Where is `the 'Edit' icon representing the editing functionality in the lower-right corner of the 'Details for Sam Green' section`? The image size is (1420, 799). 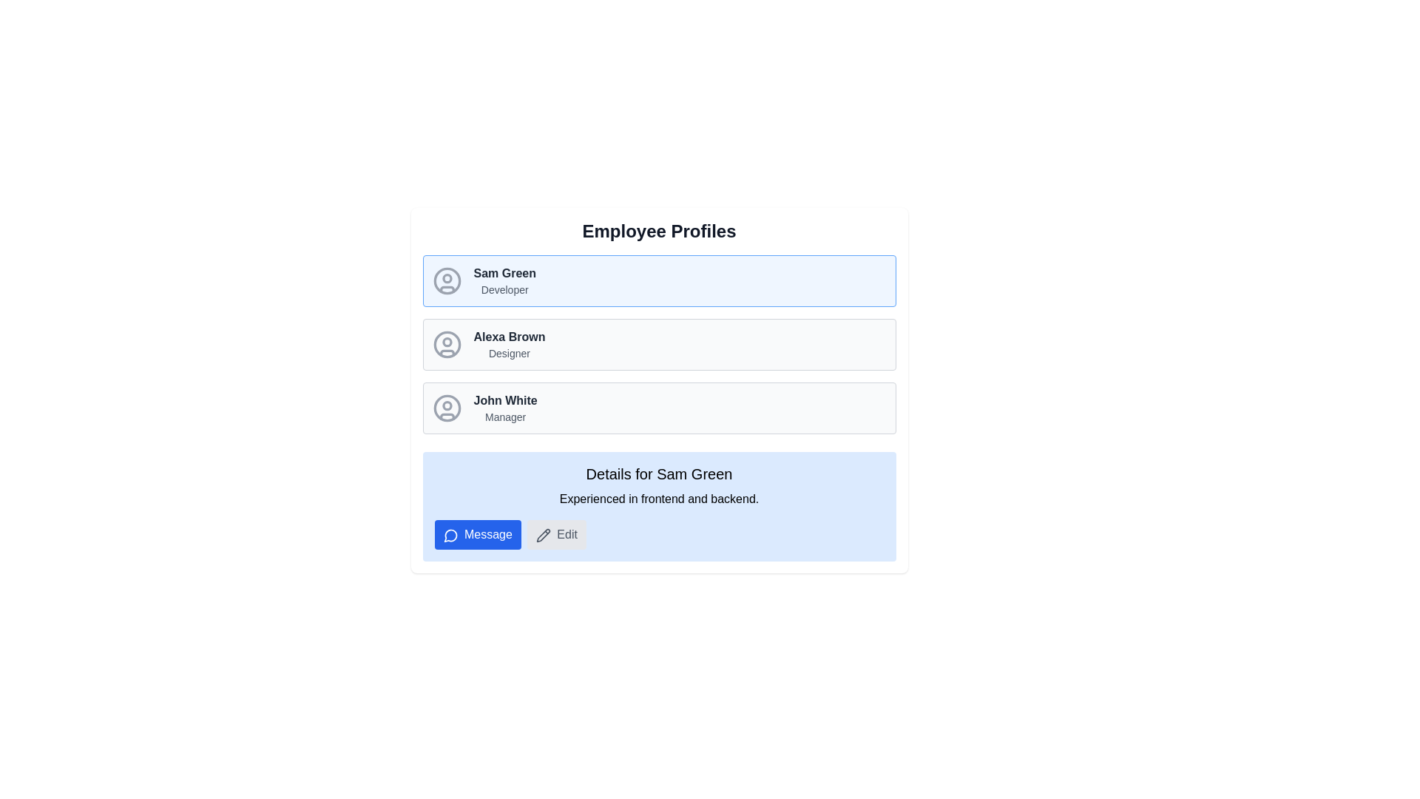 the 'Edit' icon representing the editing functionality in the lower-right corner of the 'Details for Sam Green' section is located at coordinates (542, 535).